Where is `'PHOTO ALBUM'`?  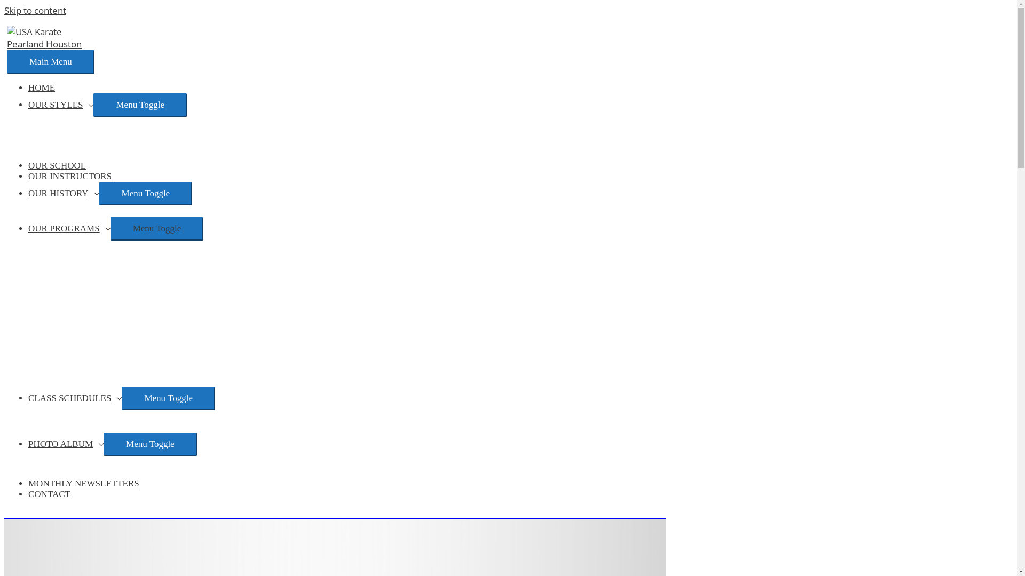 'PHOTO ALBUM' is located at coordinates (65, 444).